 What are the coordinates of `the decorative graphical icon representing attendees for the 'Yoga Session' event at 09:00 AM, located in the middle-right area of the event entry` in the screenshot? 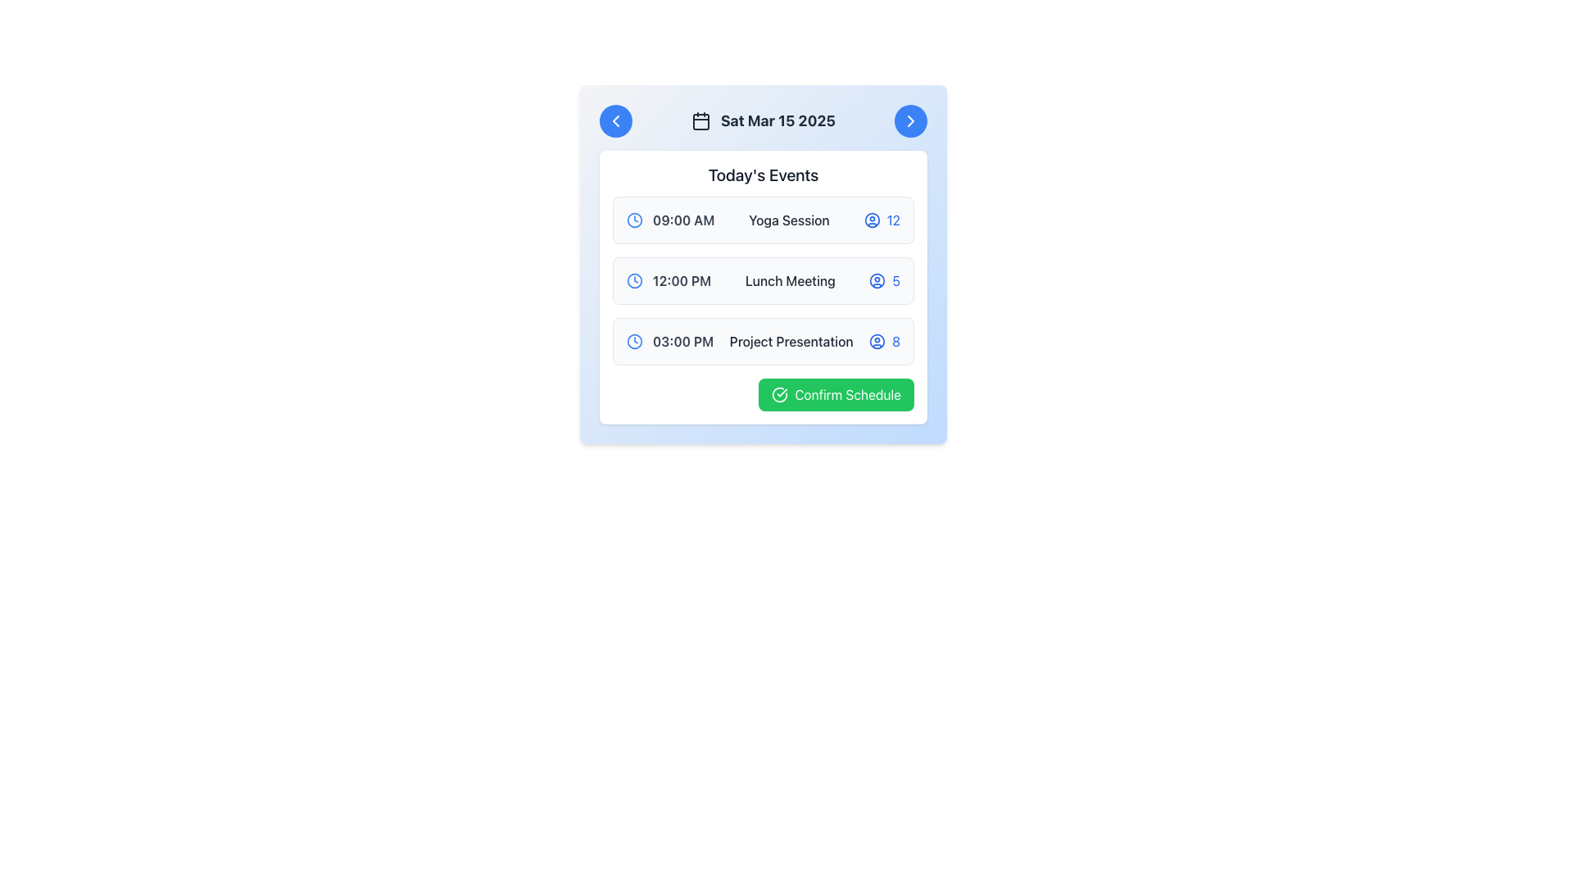 It's located at (871, 220).